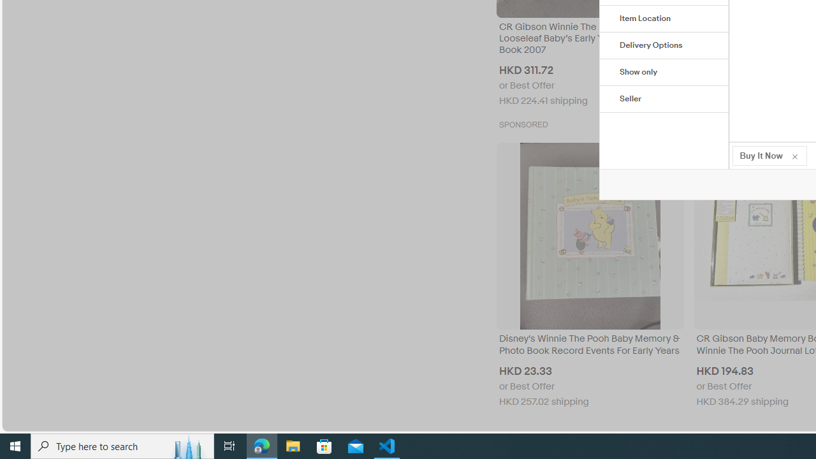  Describe the element at coordinates (664, 99) in the screenshot. I see `'Seller'` at that location.